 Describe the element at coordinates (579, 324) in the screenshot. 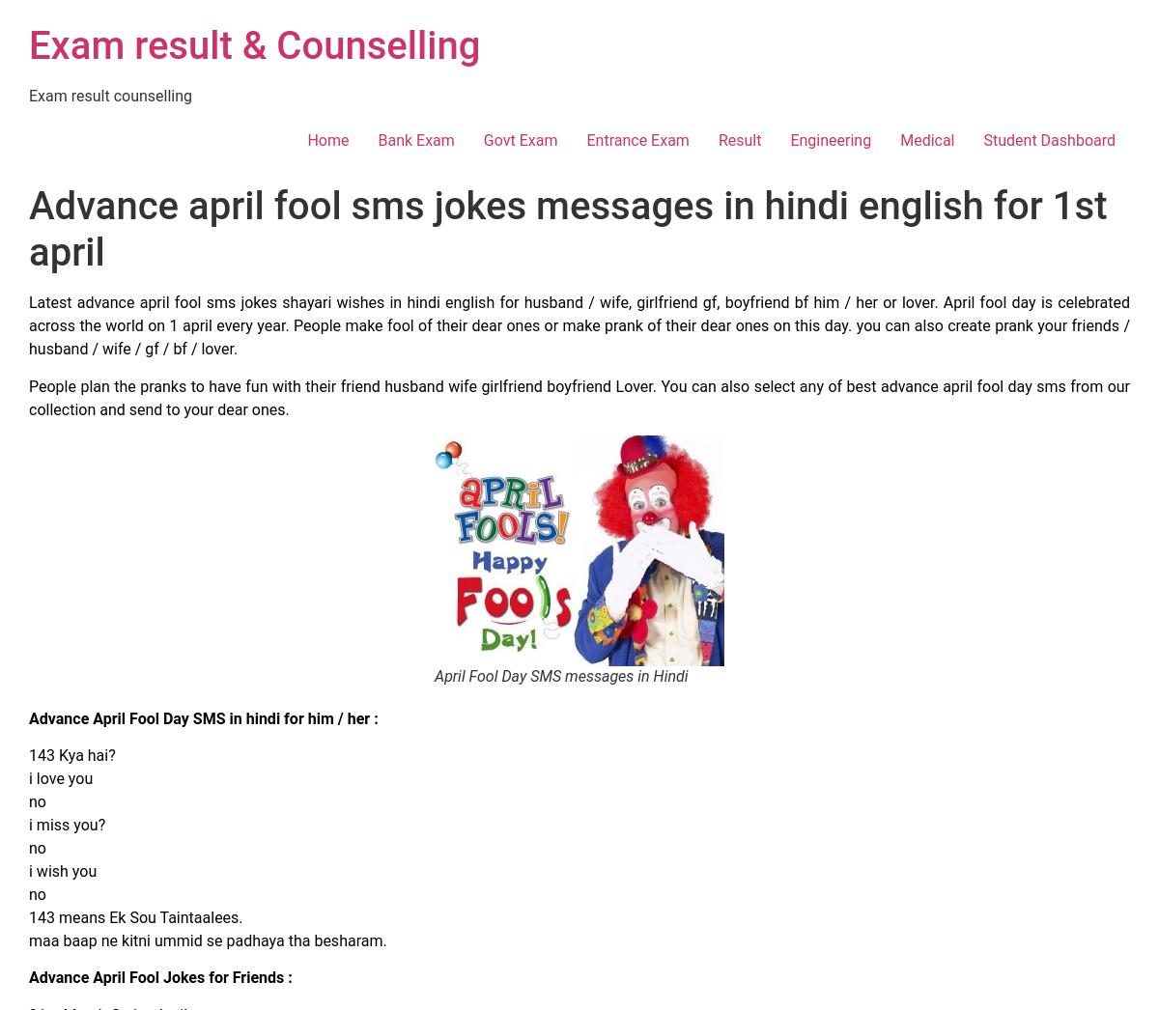

I see `'Latest advance april fool sms jokes shayari wishes in hindi english for husband / wife, girlfriend gf, boyfriend bf him / her or lover. April fool day is celebrated across the world on 1 april every year. People make fool of their dear ones or make prank of their dear ones on this day. you can also create prank your friends / husband / wife / gf / bf / lover.'` at that location.